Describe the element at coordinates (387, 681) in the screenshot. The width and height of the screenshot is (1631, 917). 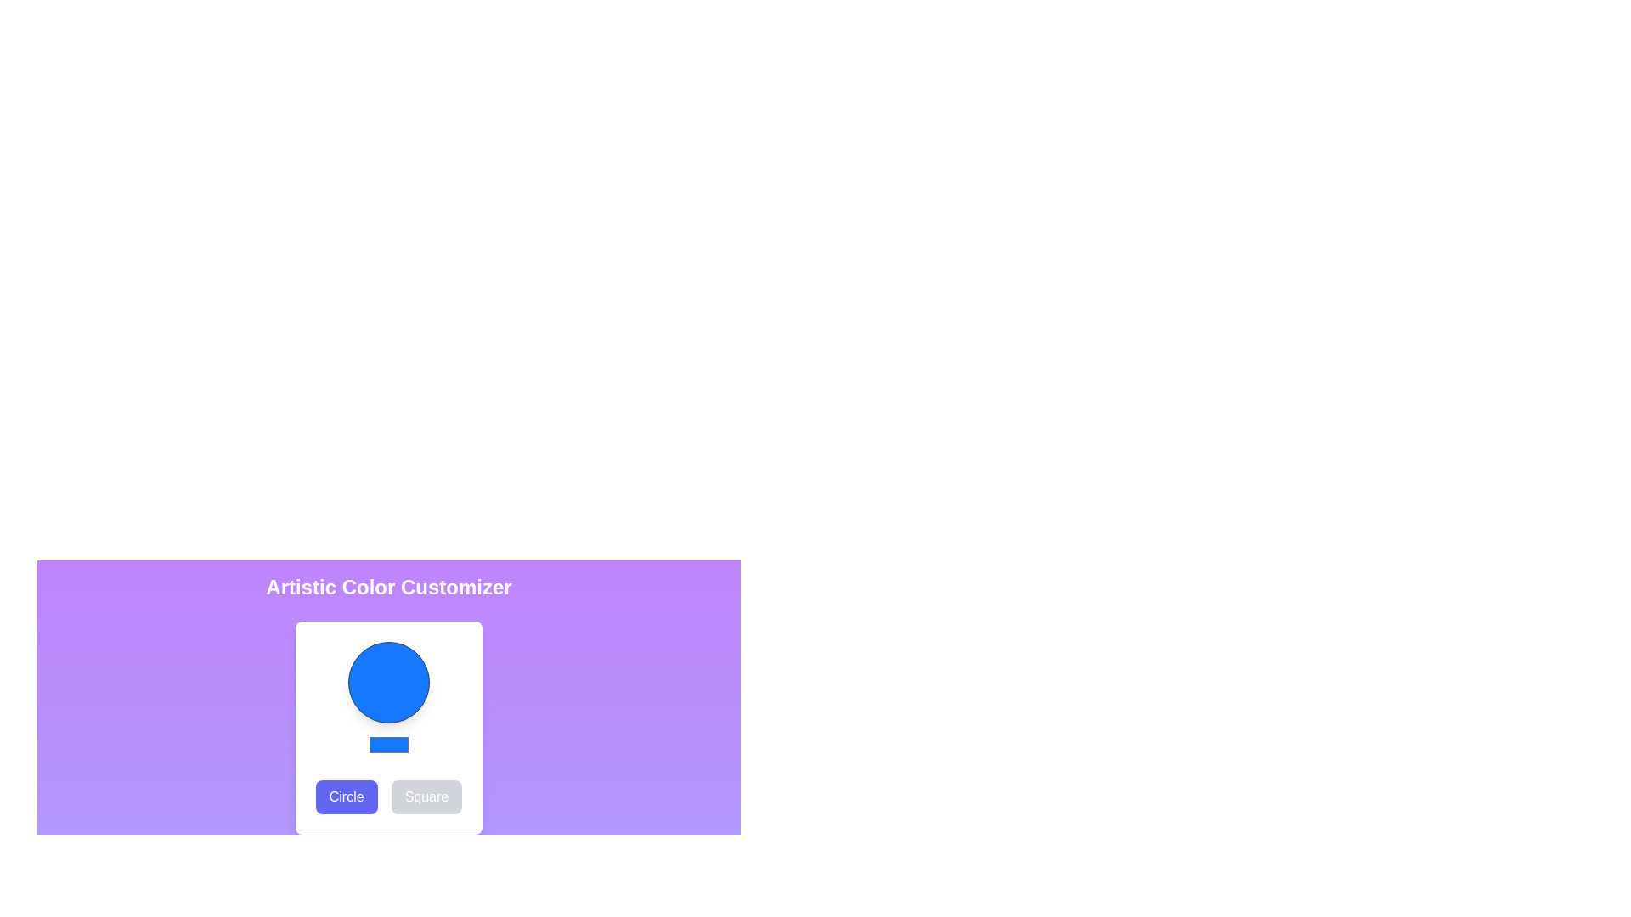
I see `the circular decorative element that serves as a preview or display area for color configuration` at that location.